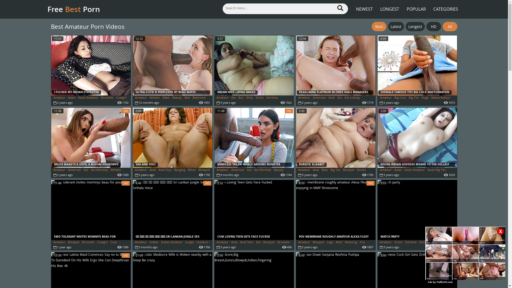  I want to click on 'Big Ass', so click(58, 175).